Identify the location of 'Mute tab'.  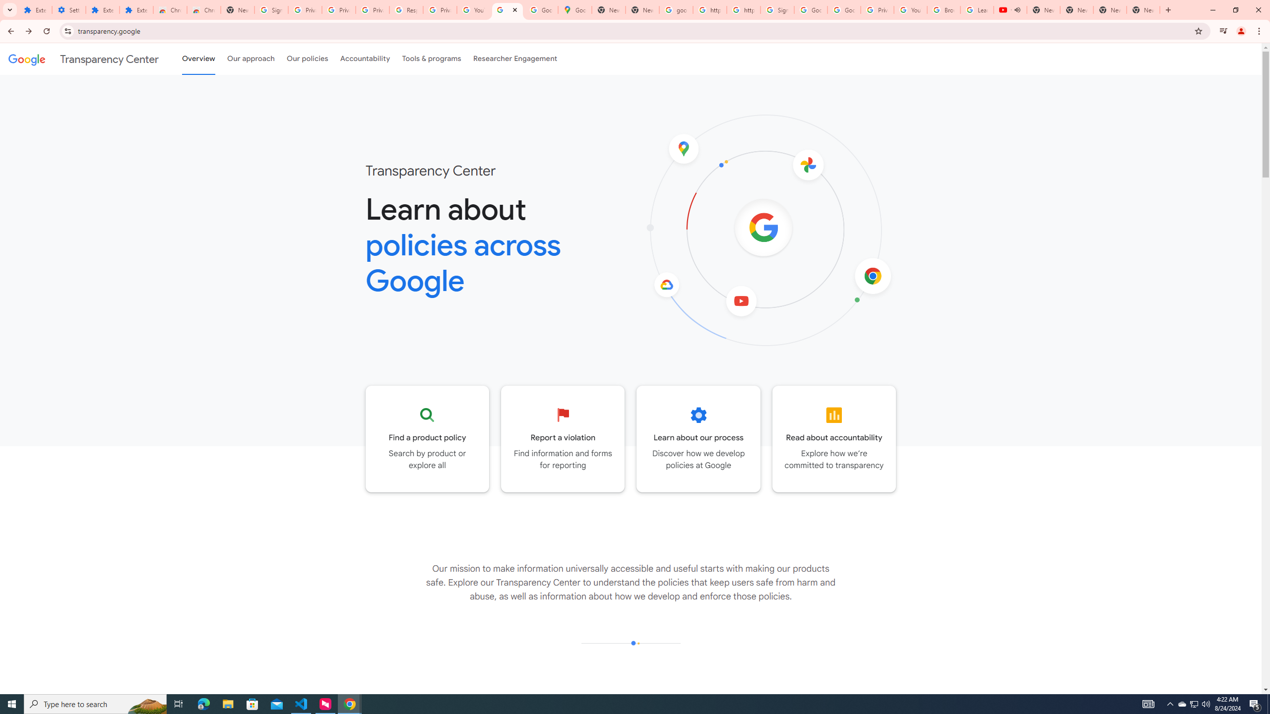
(1017, 9).